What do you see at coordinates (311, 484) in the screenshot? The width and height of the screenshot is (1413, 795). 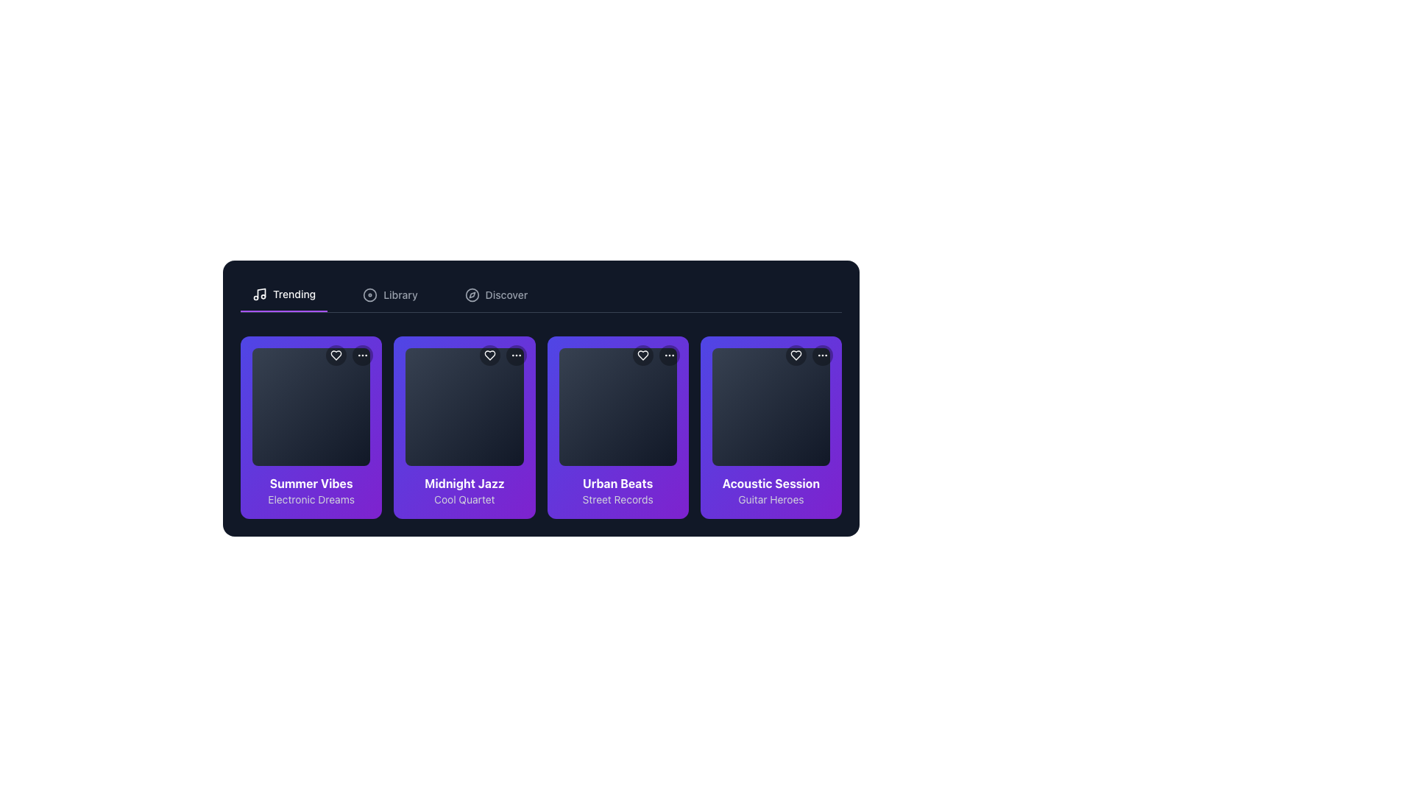 I see `the 'Summer Vibes' text label, which is styled in bold and positioned near the bottom of the first card under the 'Trending' tab` at bounding box center [311, 484].